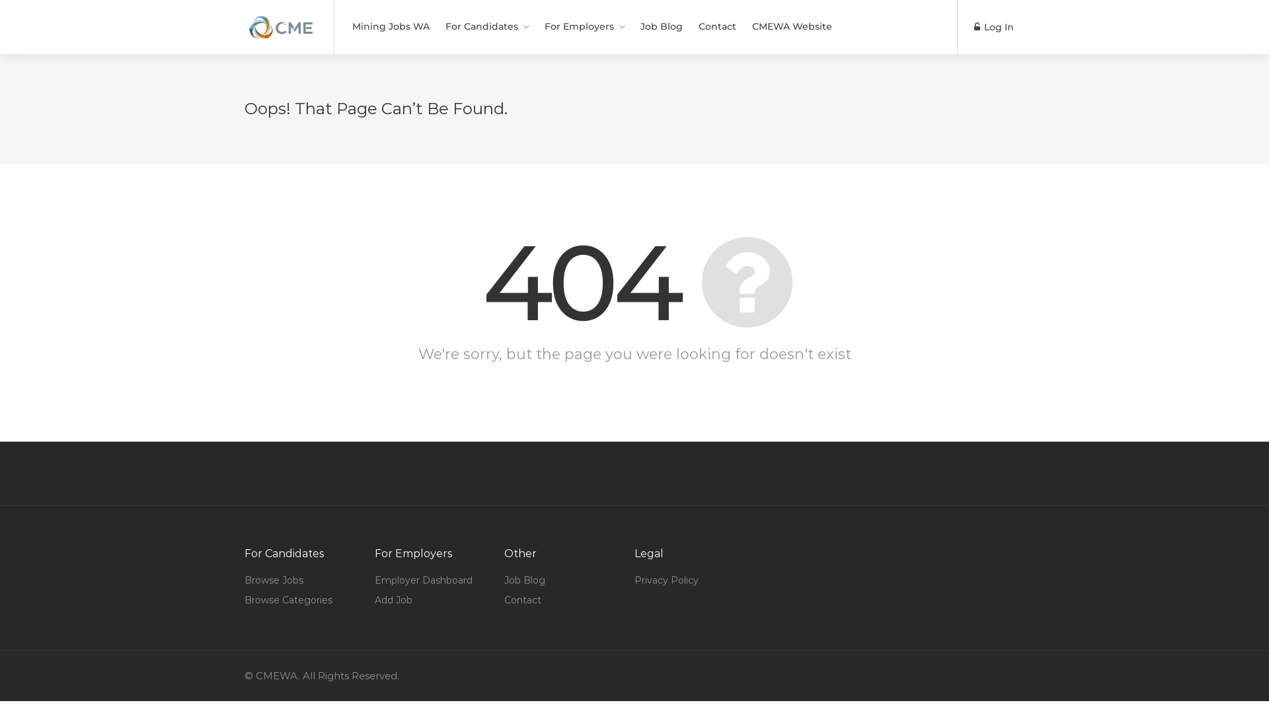 The width and height of the screenshot is (1269, 713). Describe the element at coordinates (522, 600) in the screenshot. I see `'Contact'` at that location.